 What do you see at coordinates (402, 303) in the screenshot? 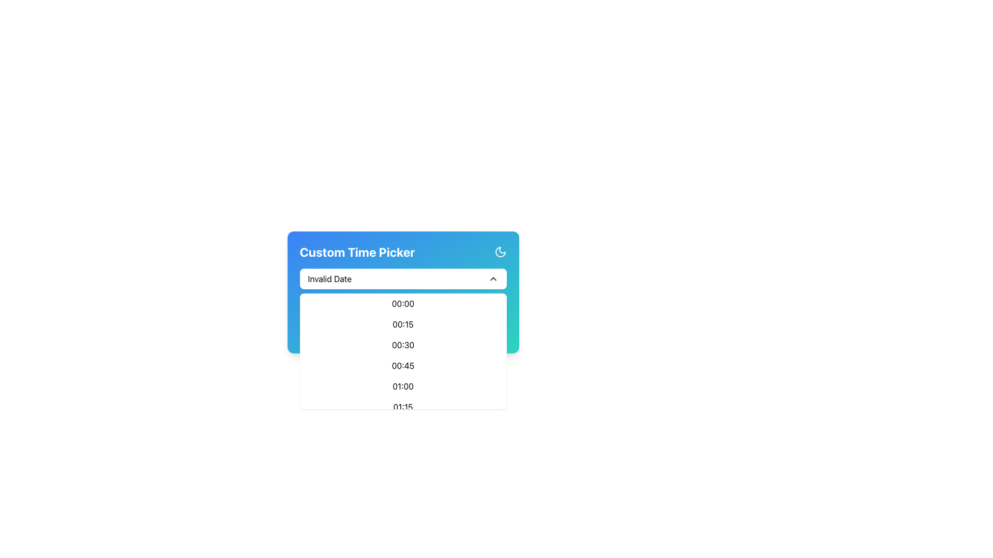
I see `the text label displaying '00:00'` at bounding box center [402, 303].